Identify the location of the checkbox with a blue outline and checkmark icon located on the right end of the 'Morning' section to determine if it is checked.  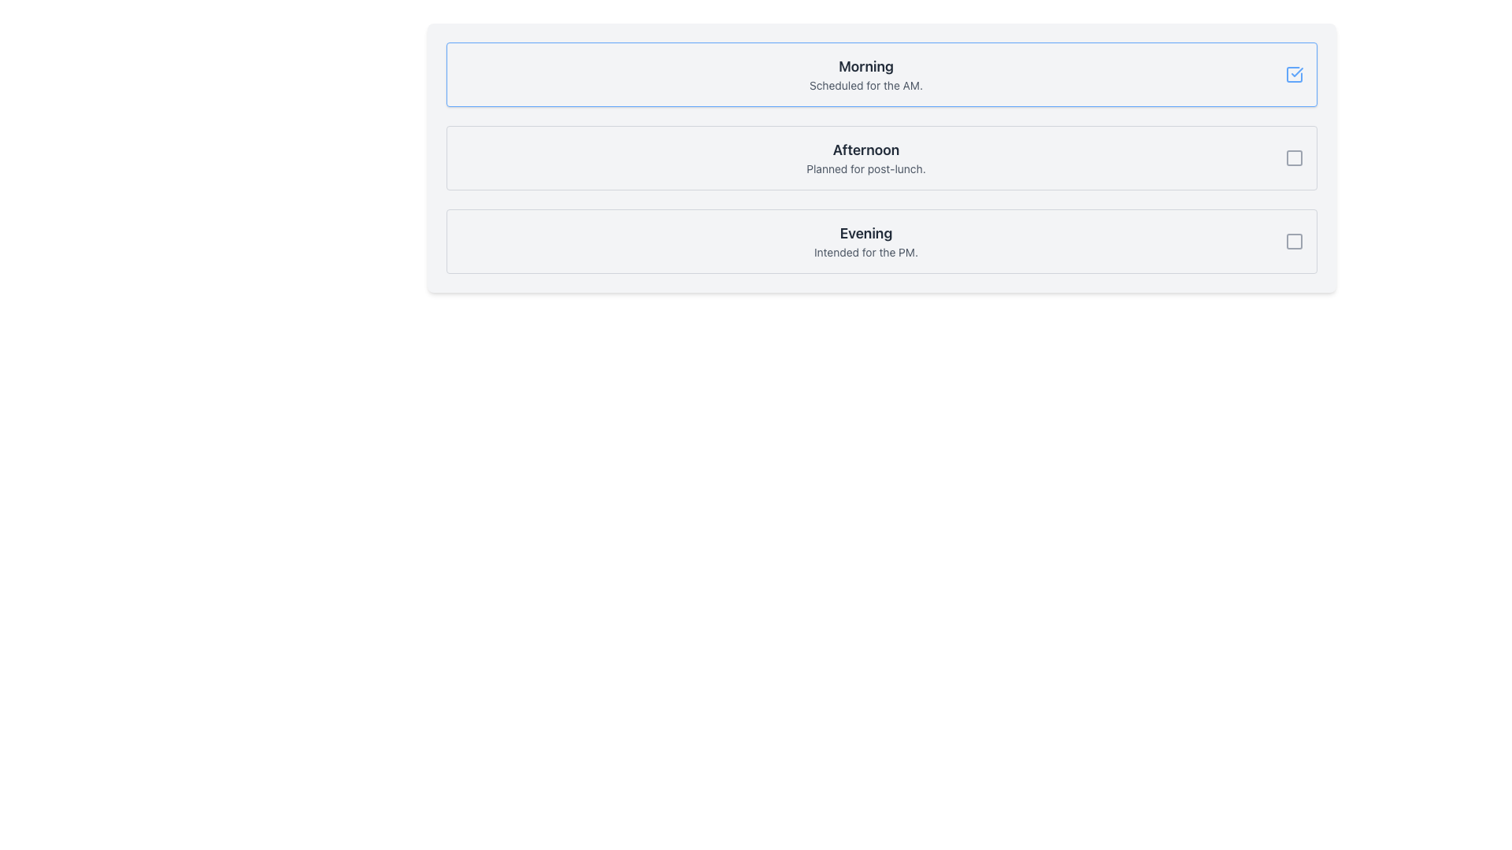
(1294, 75).